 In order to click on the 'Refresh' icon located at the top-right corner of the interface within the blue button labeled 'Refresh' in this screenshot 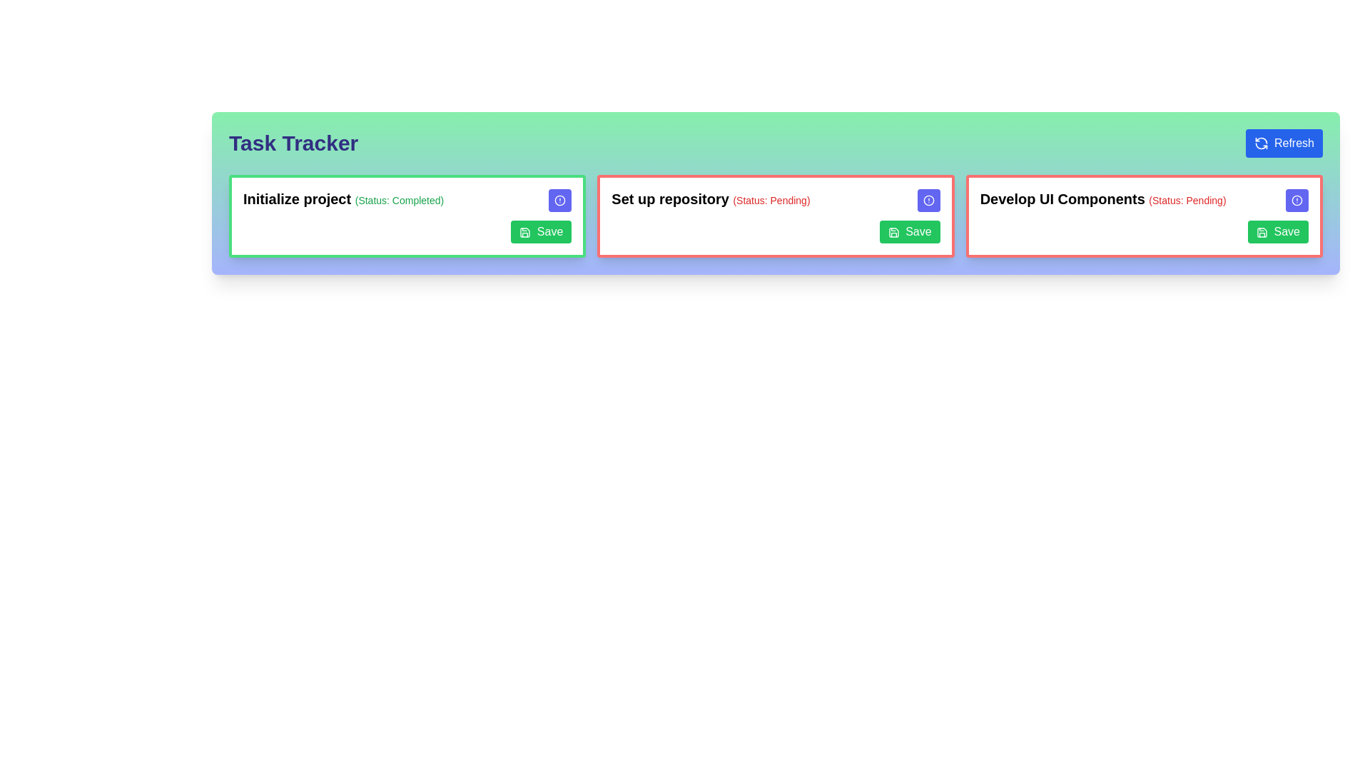, I will do `click(1261, 143)`.